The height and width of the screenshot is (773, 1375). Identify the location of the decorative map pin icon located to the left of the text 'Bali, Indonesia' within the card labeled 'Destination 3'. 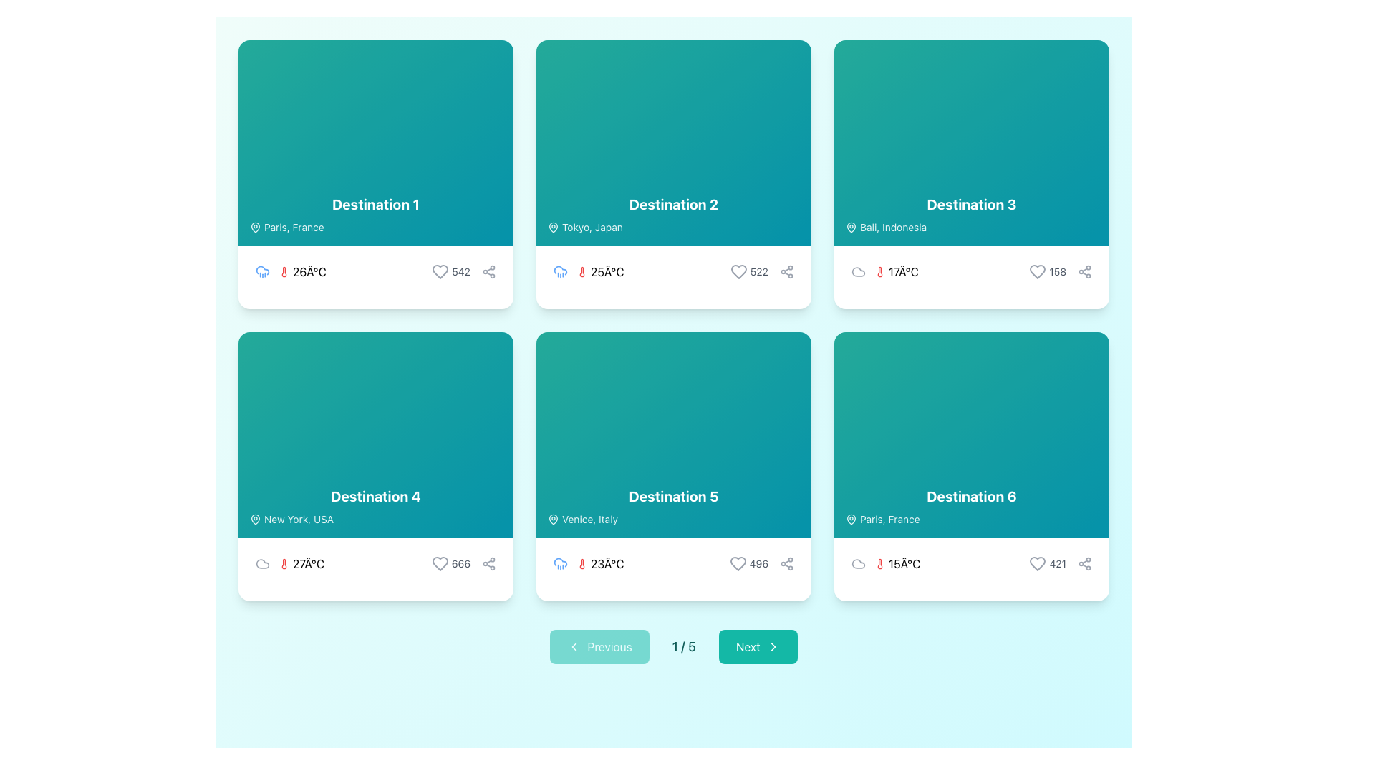
(851, 226).